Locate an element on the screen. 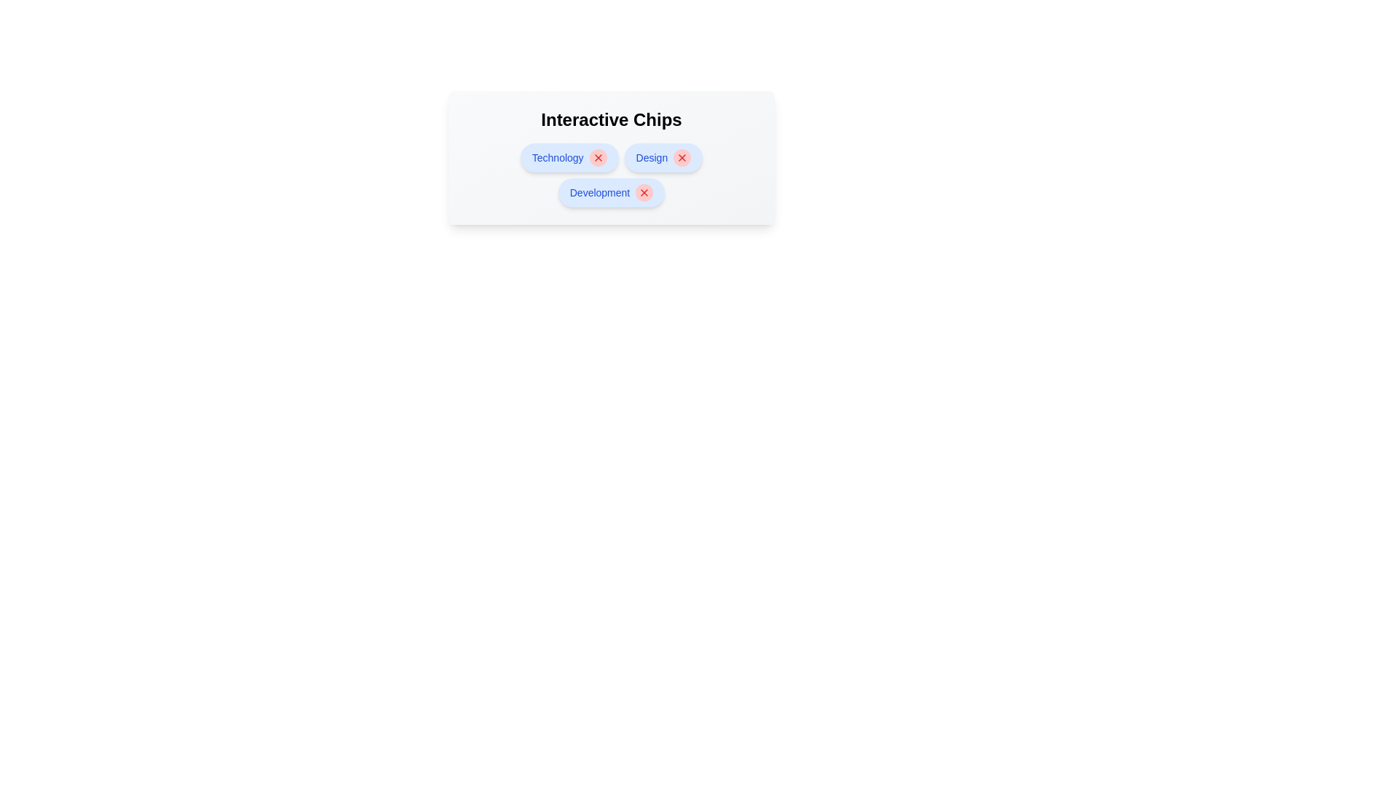  the chip labeled Development is located at coordinates (600, 192).